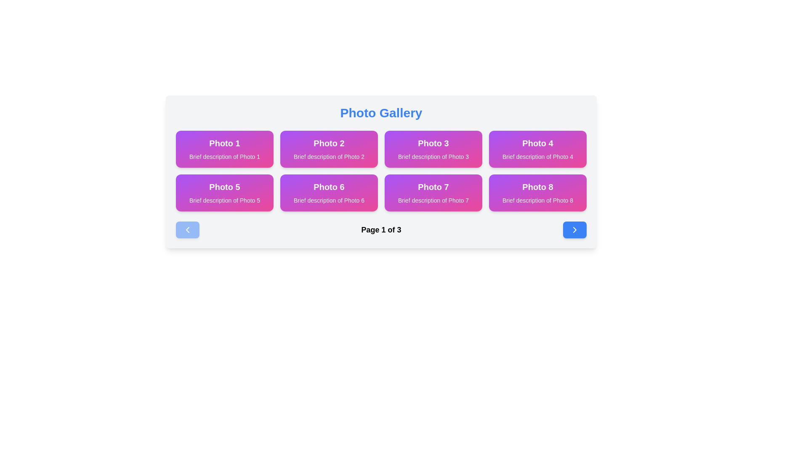  I want to click on text that serves as the title for the card labeled 'Photo 6', located at the top center of the card in the second row, second column of a 2x4 grid layout, so click(329, 186).